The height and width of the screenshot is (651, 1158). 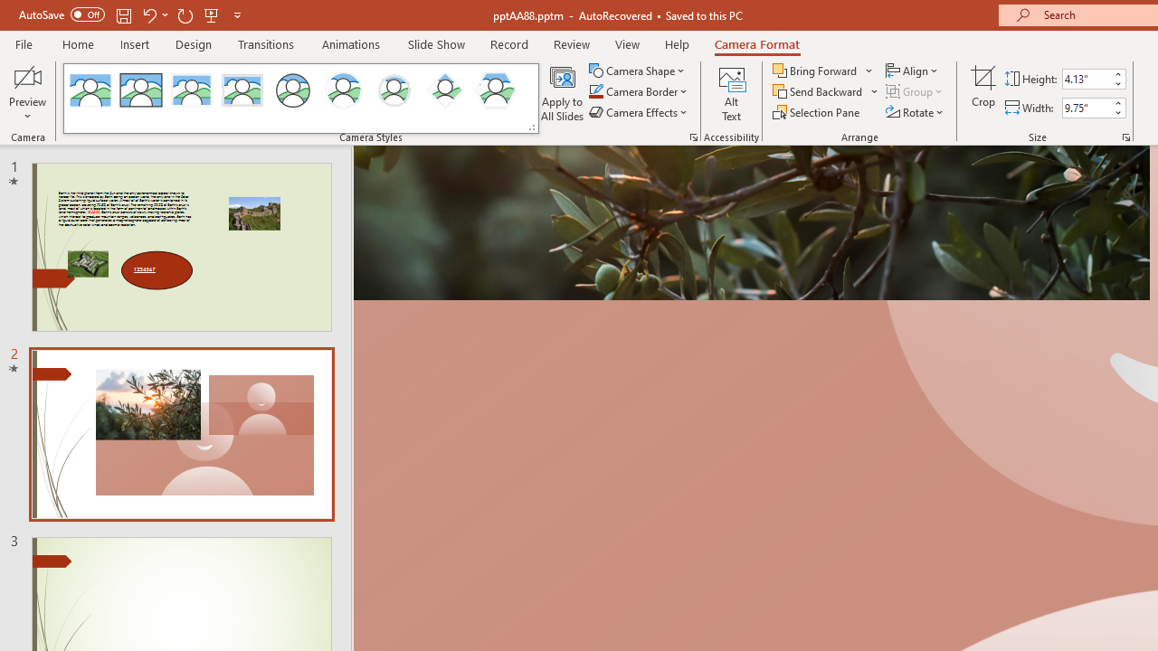 I want to click on 'Camera Effects', so click(x=640, y=112).